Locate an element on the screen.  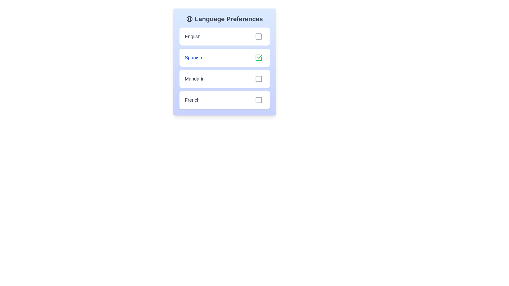
the circular element in the globe icon located in the header of the 'Language Preferences' section is located at coordinates (190, 19).